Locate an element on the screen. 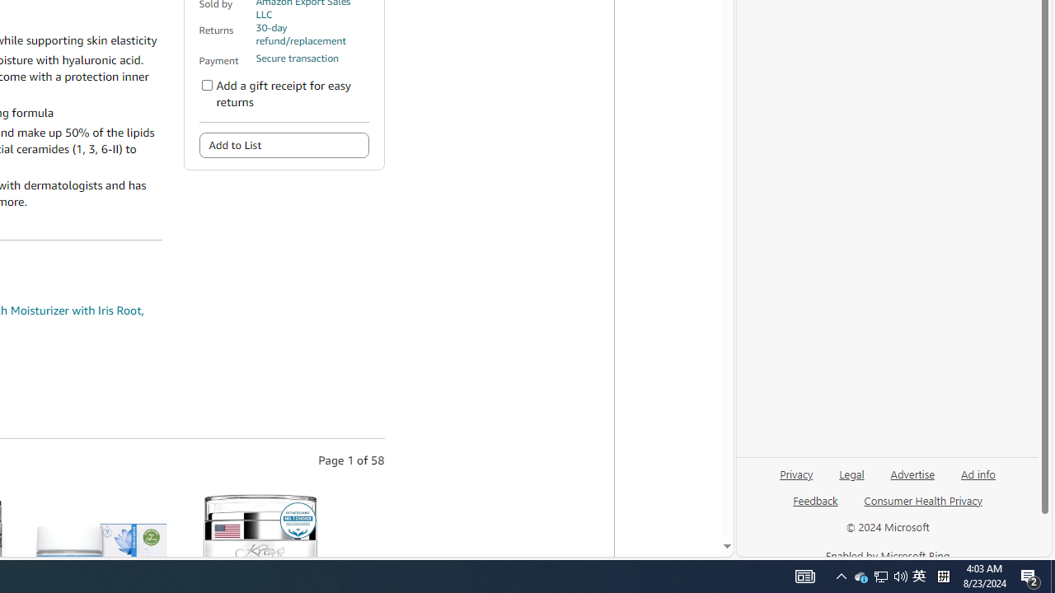 This screenshot has width=1055, height=593. 'Legal' is located at coordinates (851, 473).